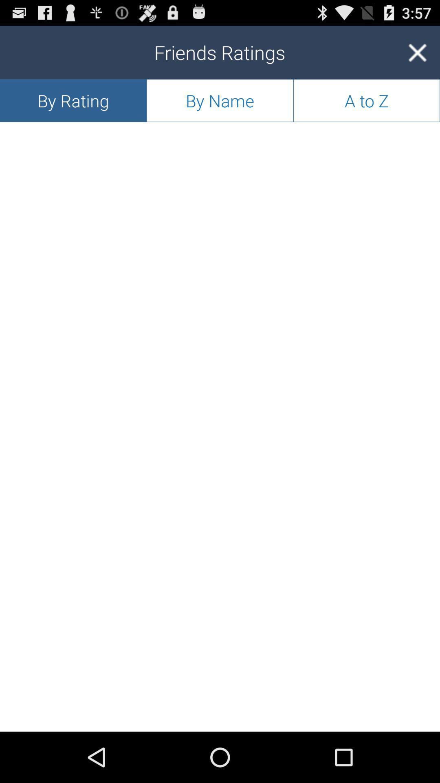 The width and height of the screenshot is (440, 783). Describe the element at coordinates (73, 100) in the screenshot. I see `the icon at the top left corner` at that location.